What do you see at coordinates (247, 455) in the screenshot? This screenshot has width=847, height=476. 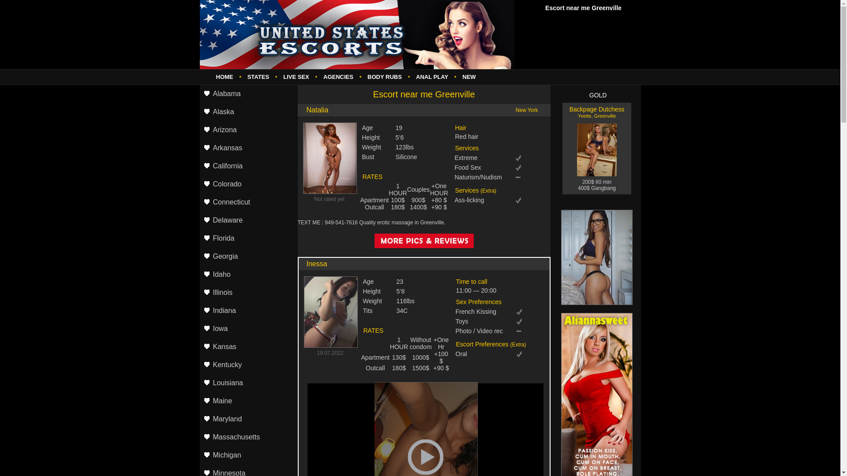 I see `'Michigan'` at bounding box center [247, 455].